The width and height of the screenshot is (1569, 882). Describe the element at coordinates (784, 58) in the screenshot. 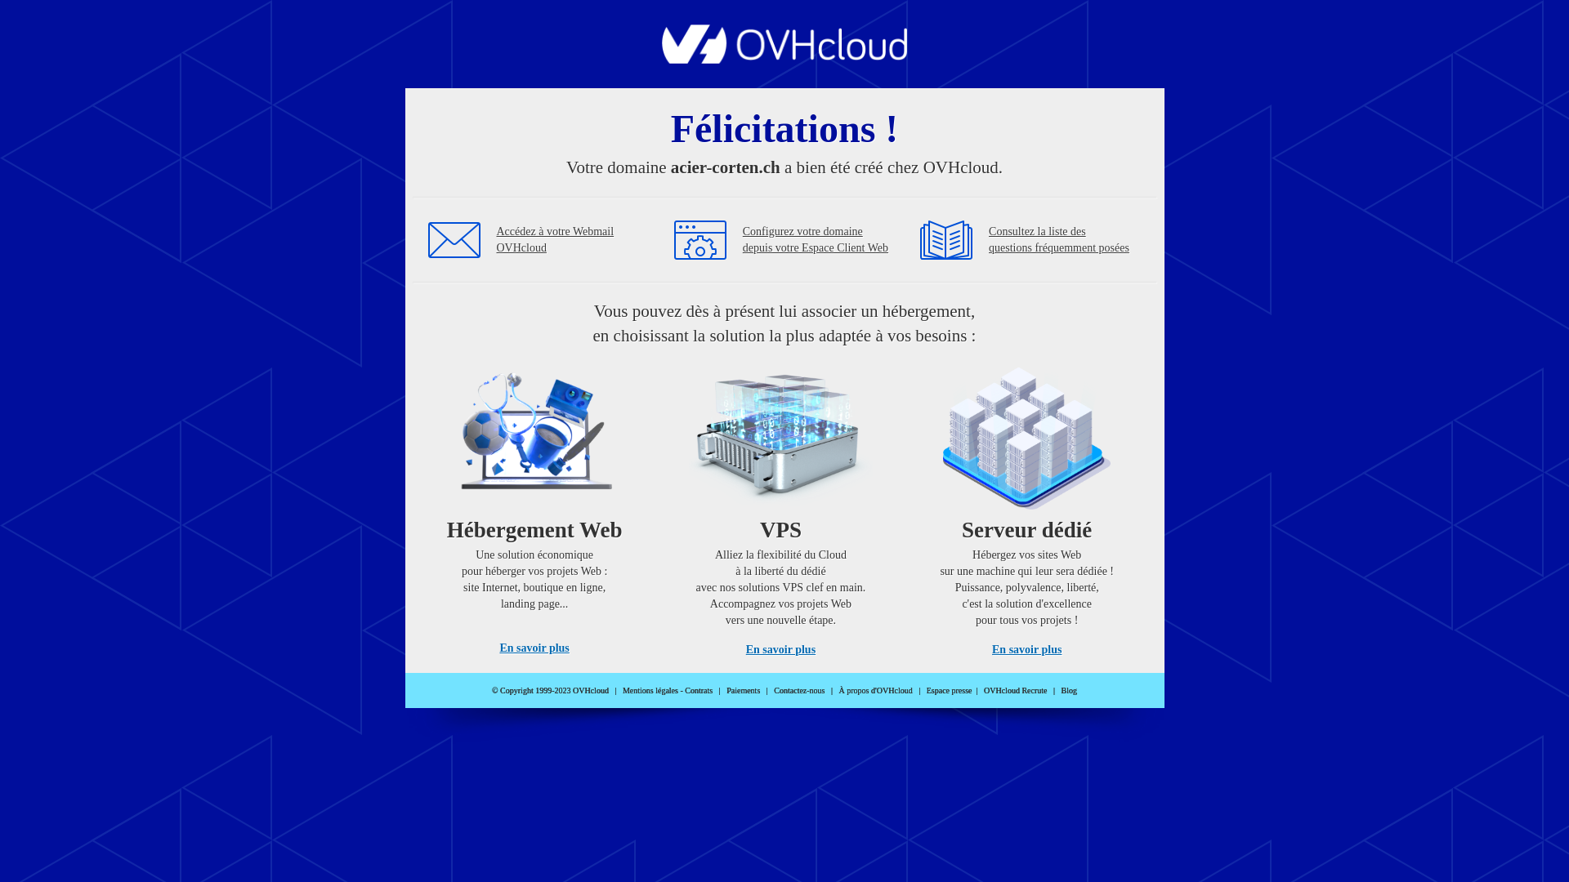

I see `'OVHcloud'` at that location.